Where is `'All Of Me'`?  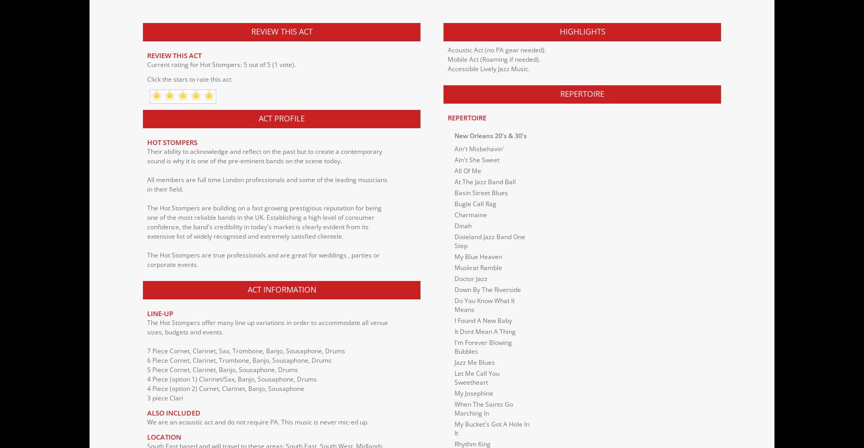
'All Of Me' is located at coordinates (468, 170).